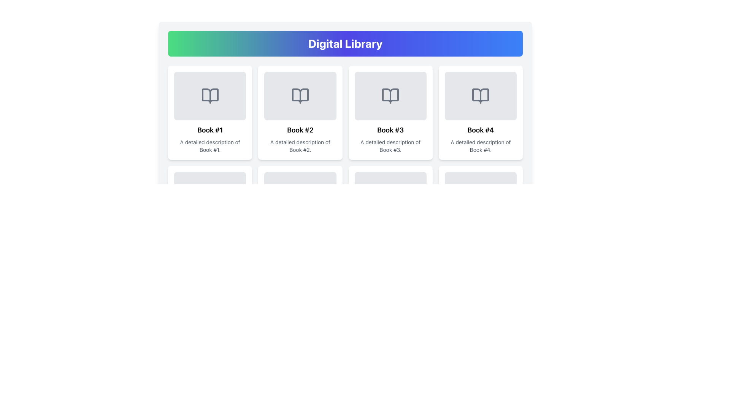 The width and height of the screenshot is (730, 410). Describe the element at coordinates (390, 146) in the screenshot. I see `the static text display element containing the phrase 'A detailed description of Book #3' located within the card for 'Book #3' in the 'Digital Library' grid` at that location.